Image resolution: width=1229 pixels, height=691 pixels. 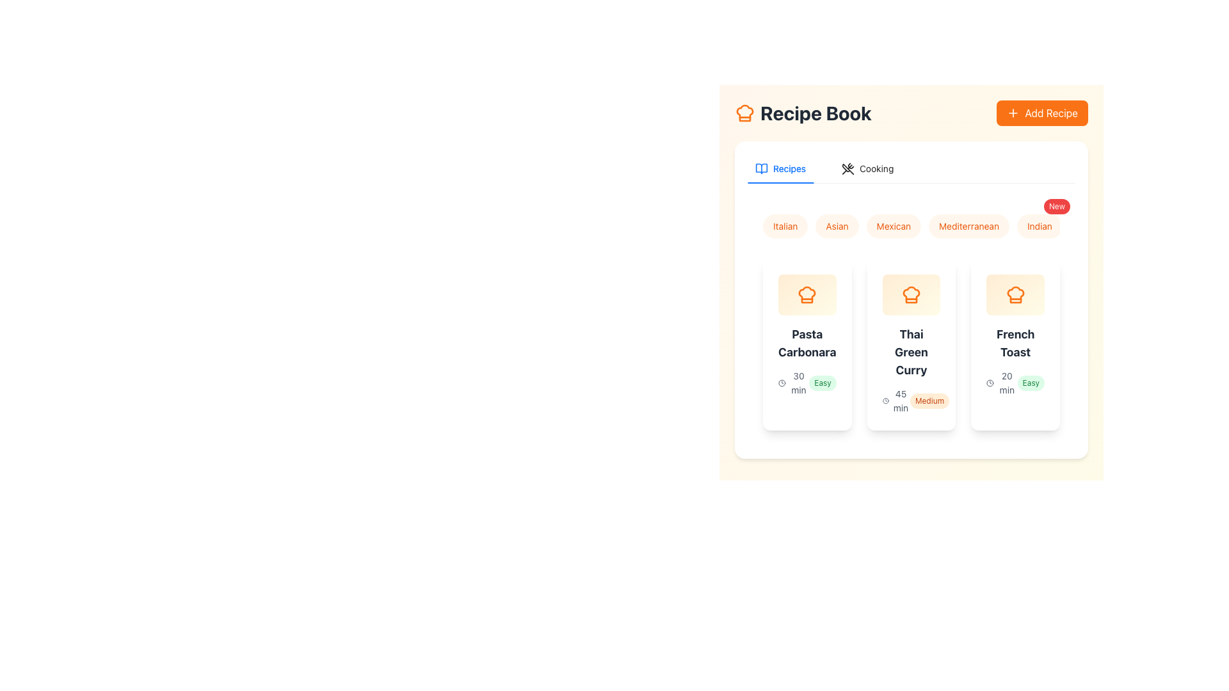 What do you see at coordinates (744, 113) in the screenshot?
I see `the Recipe Book icon, which serves as a visual identifier for the section and is located to the left of the text 'Recipe Book'` at bounding box center [744, 113].